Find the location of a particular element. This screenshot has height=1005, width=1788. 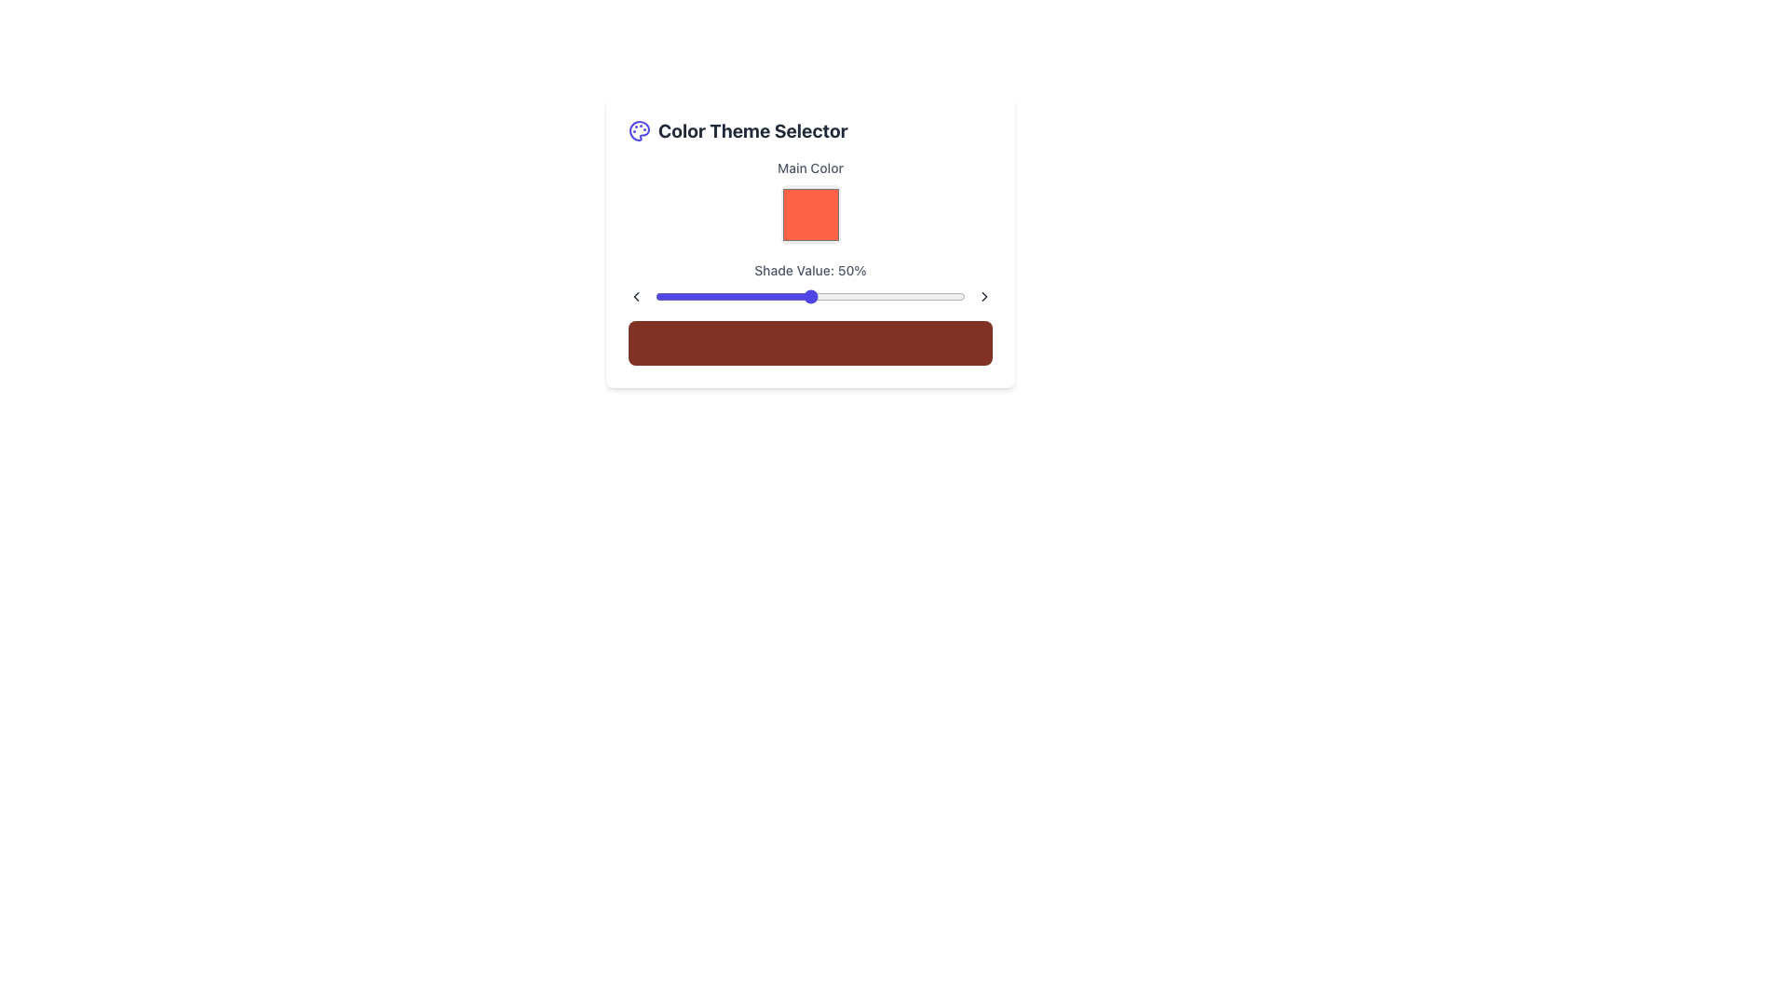

the shade value is located at coordinates (943, 296).